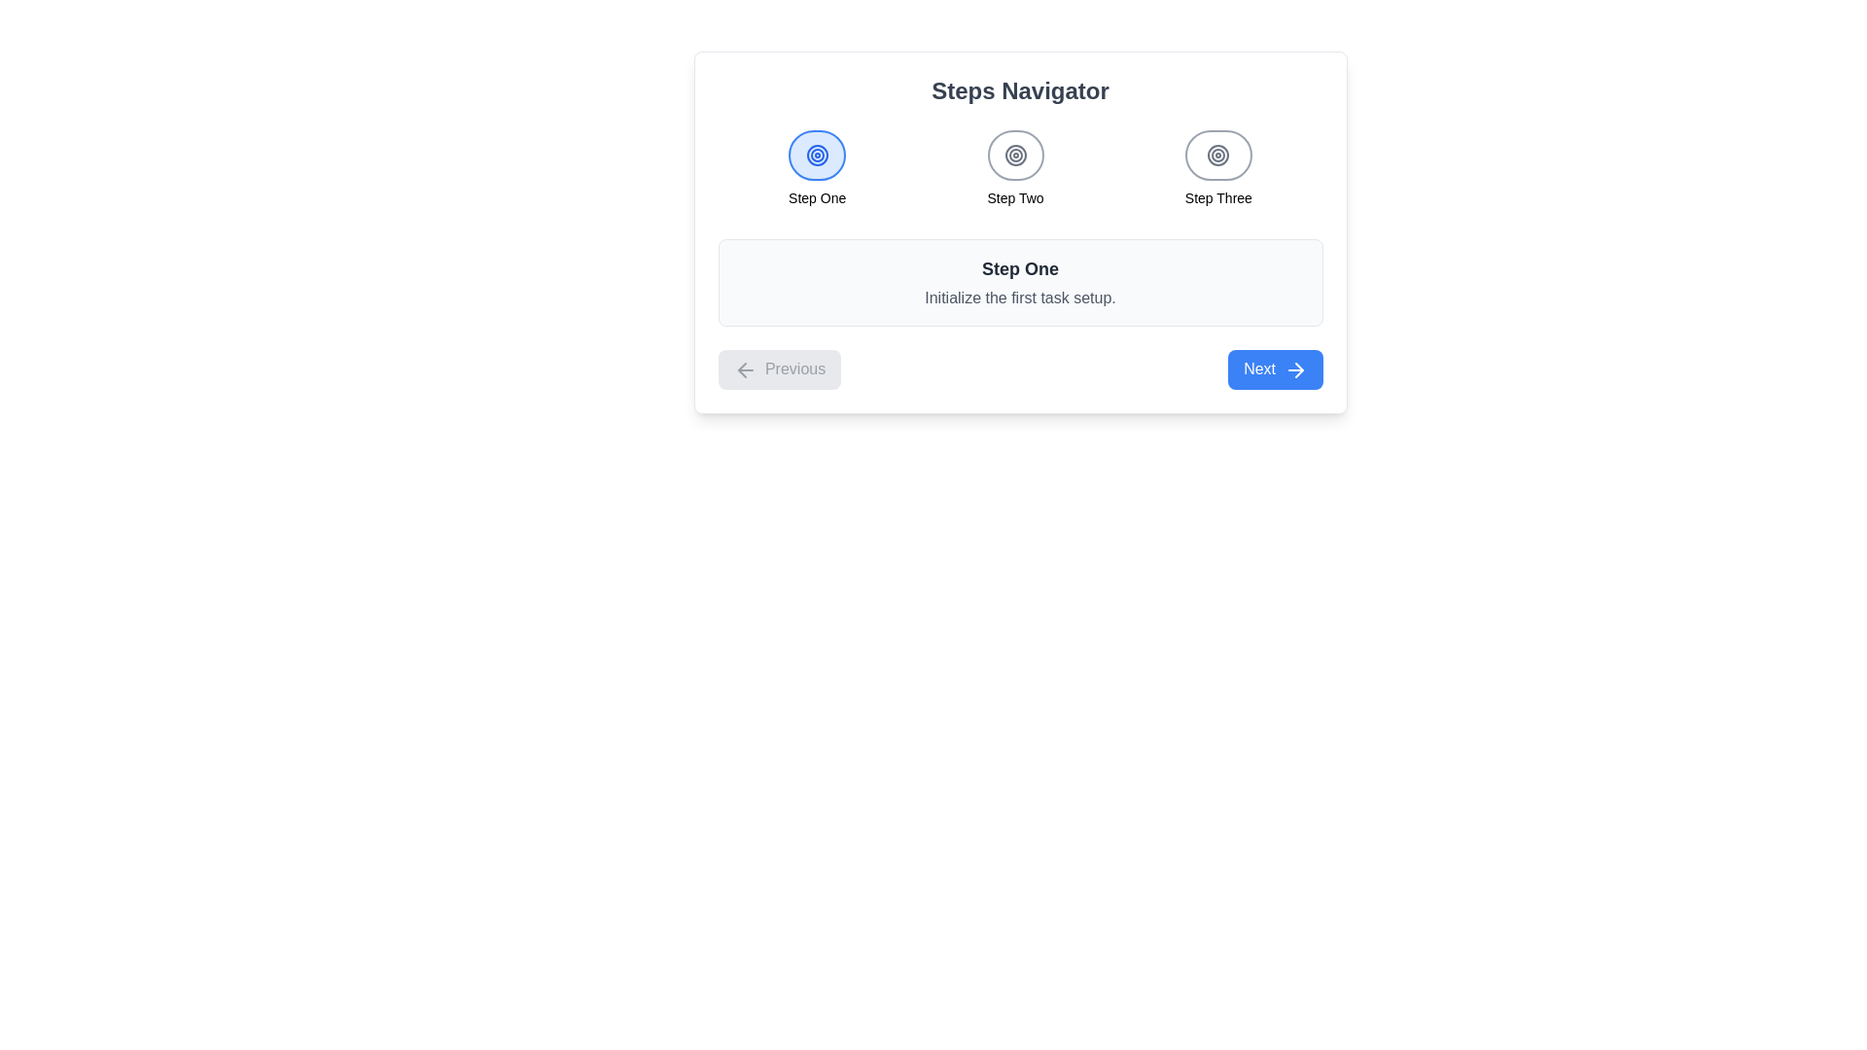  I want to click on the outermost circle of the target icon in the 'Step One' section of the steps navigator, so click(817, 154).